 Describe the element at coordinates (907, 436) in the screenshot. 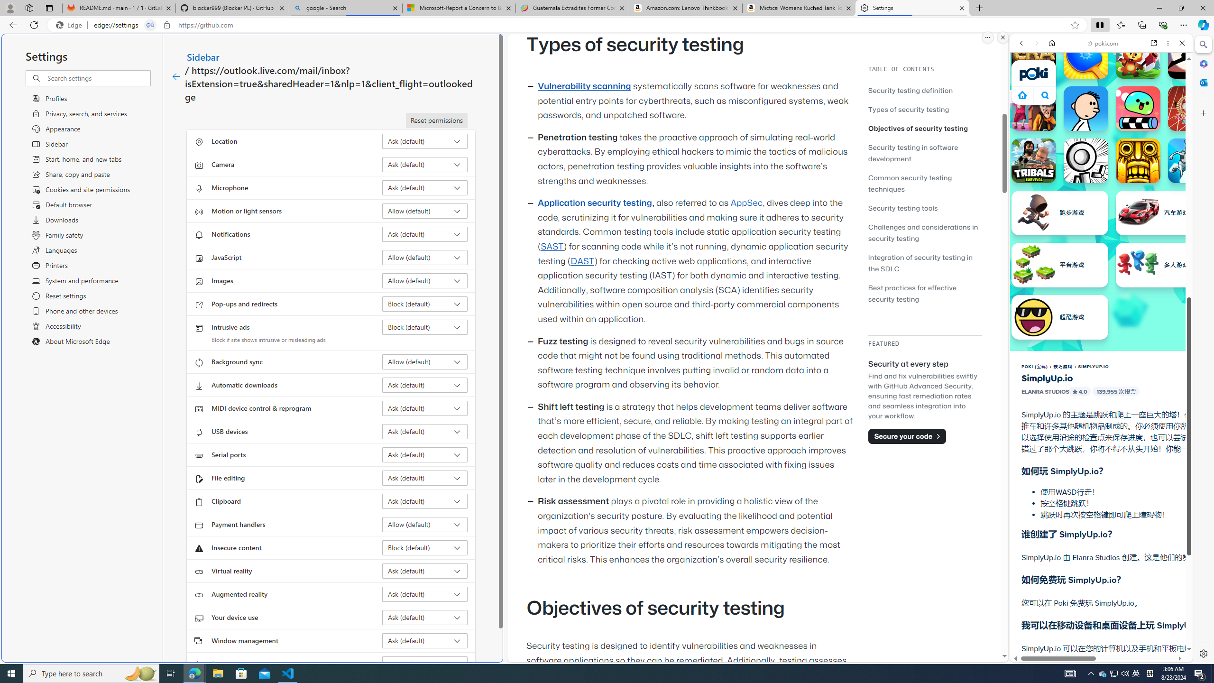

I see `'Secure your code'` at that location.